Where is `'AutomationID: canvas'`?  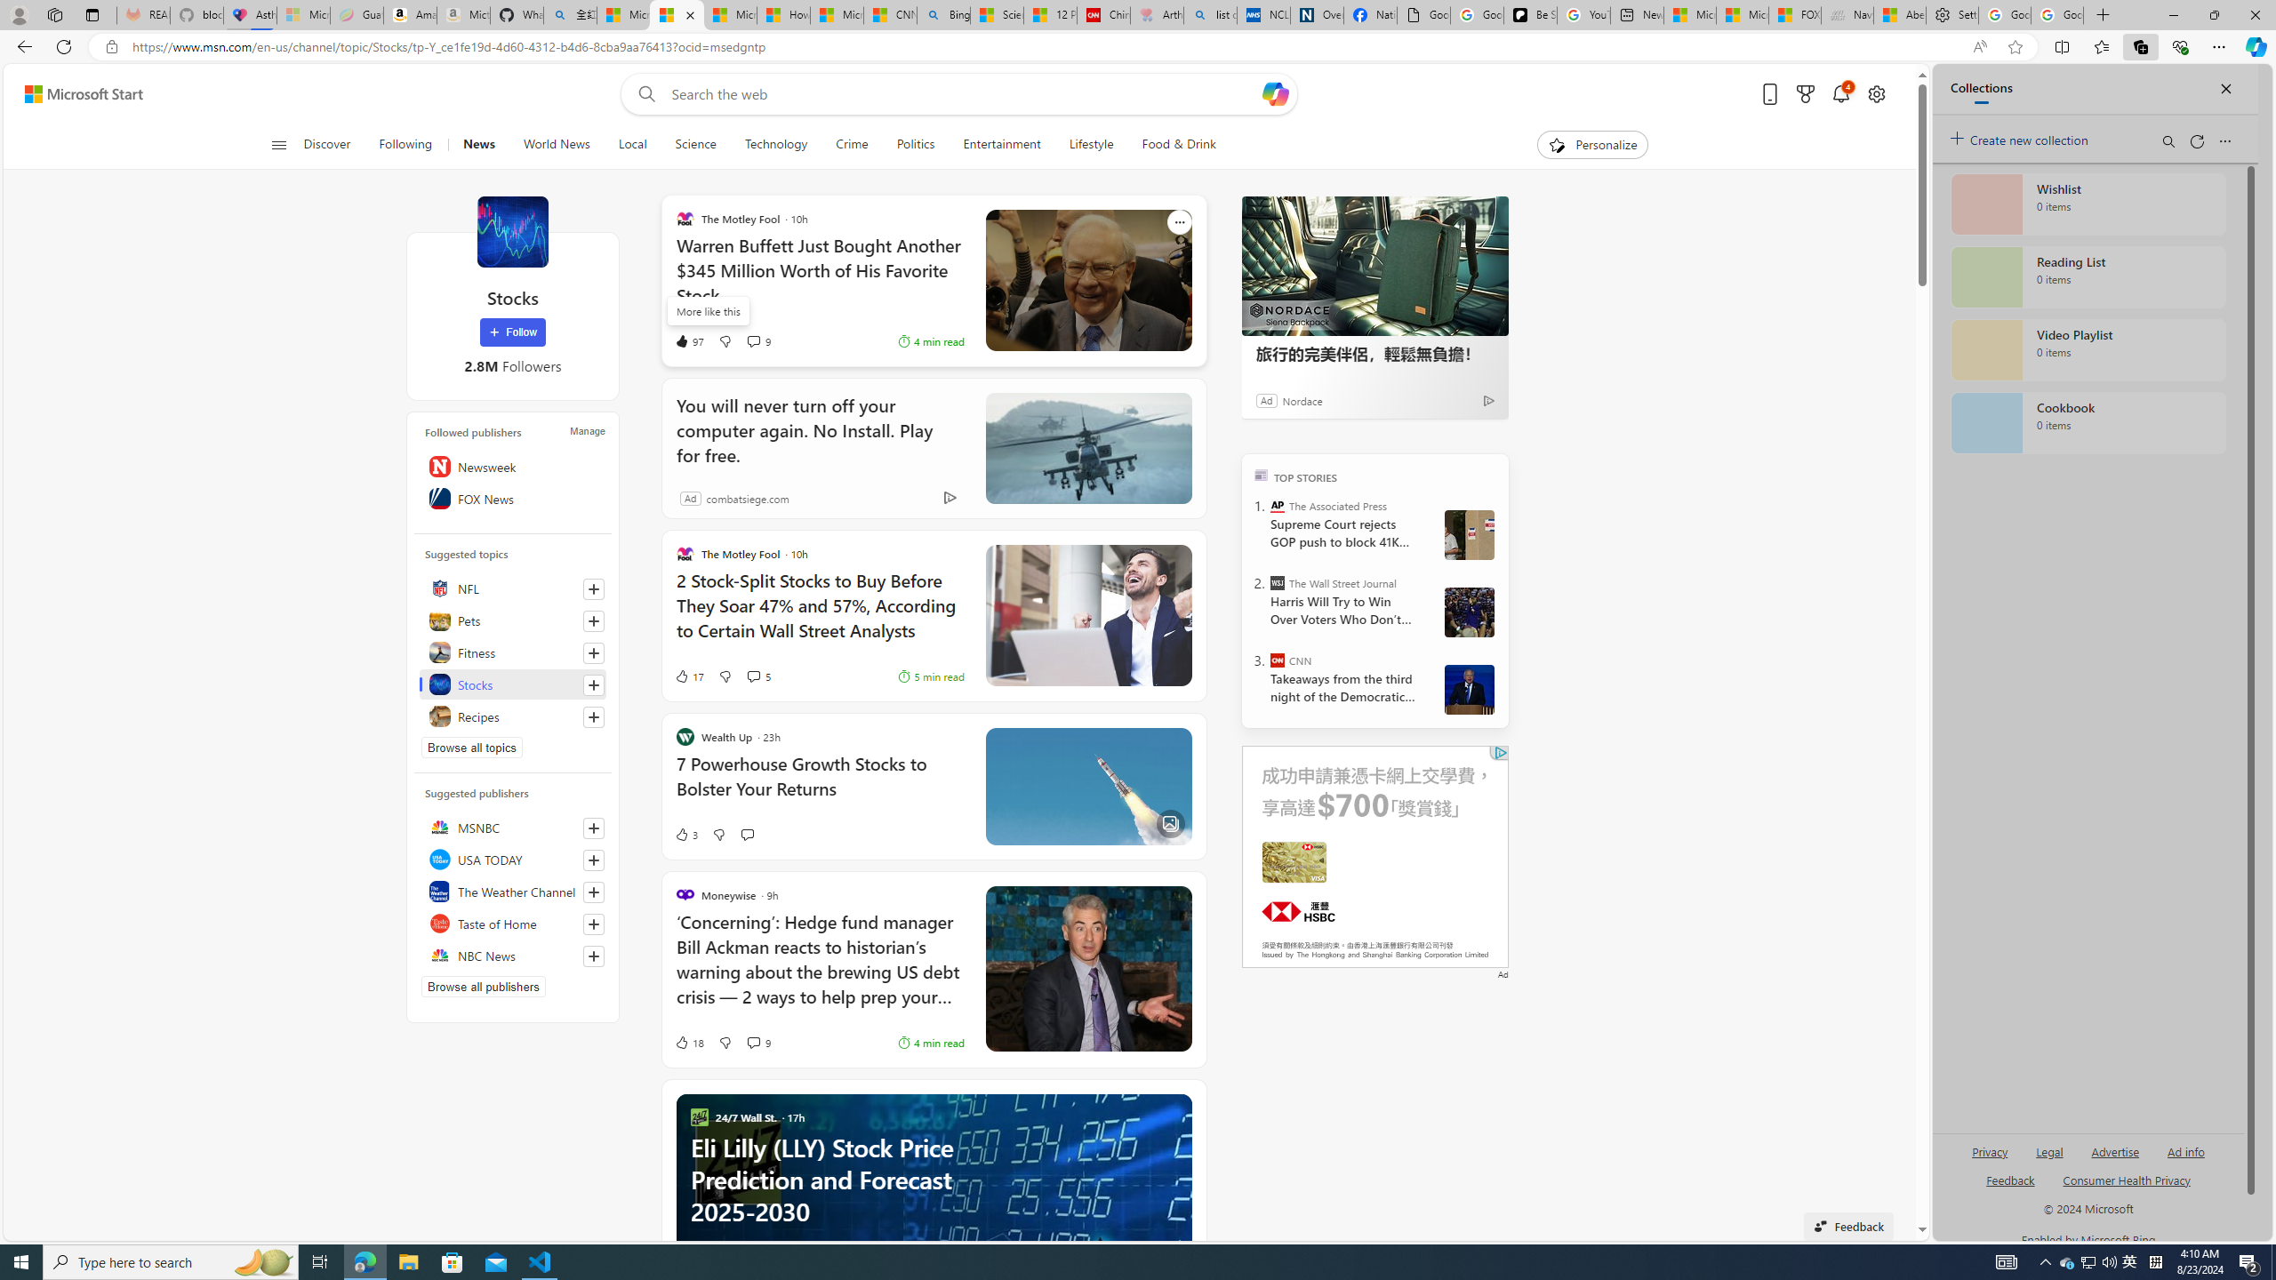
'AutomationID: canvas' is located at coordinates (1374, 857).